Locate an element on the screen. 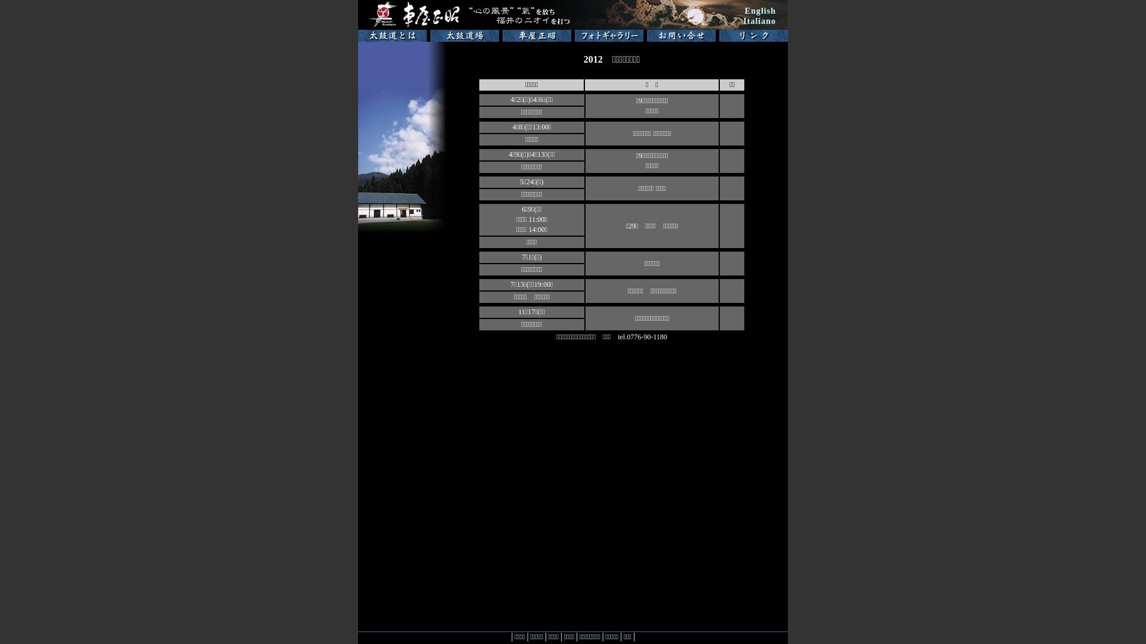  'Italiano' is located at coordinates (759, 21).